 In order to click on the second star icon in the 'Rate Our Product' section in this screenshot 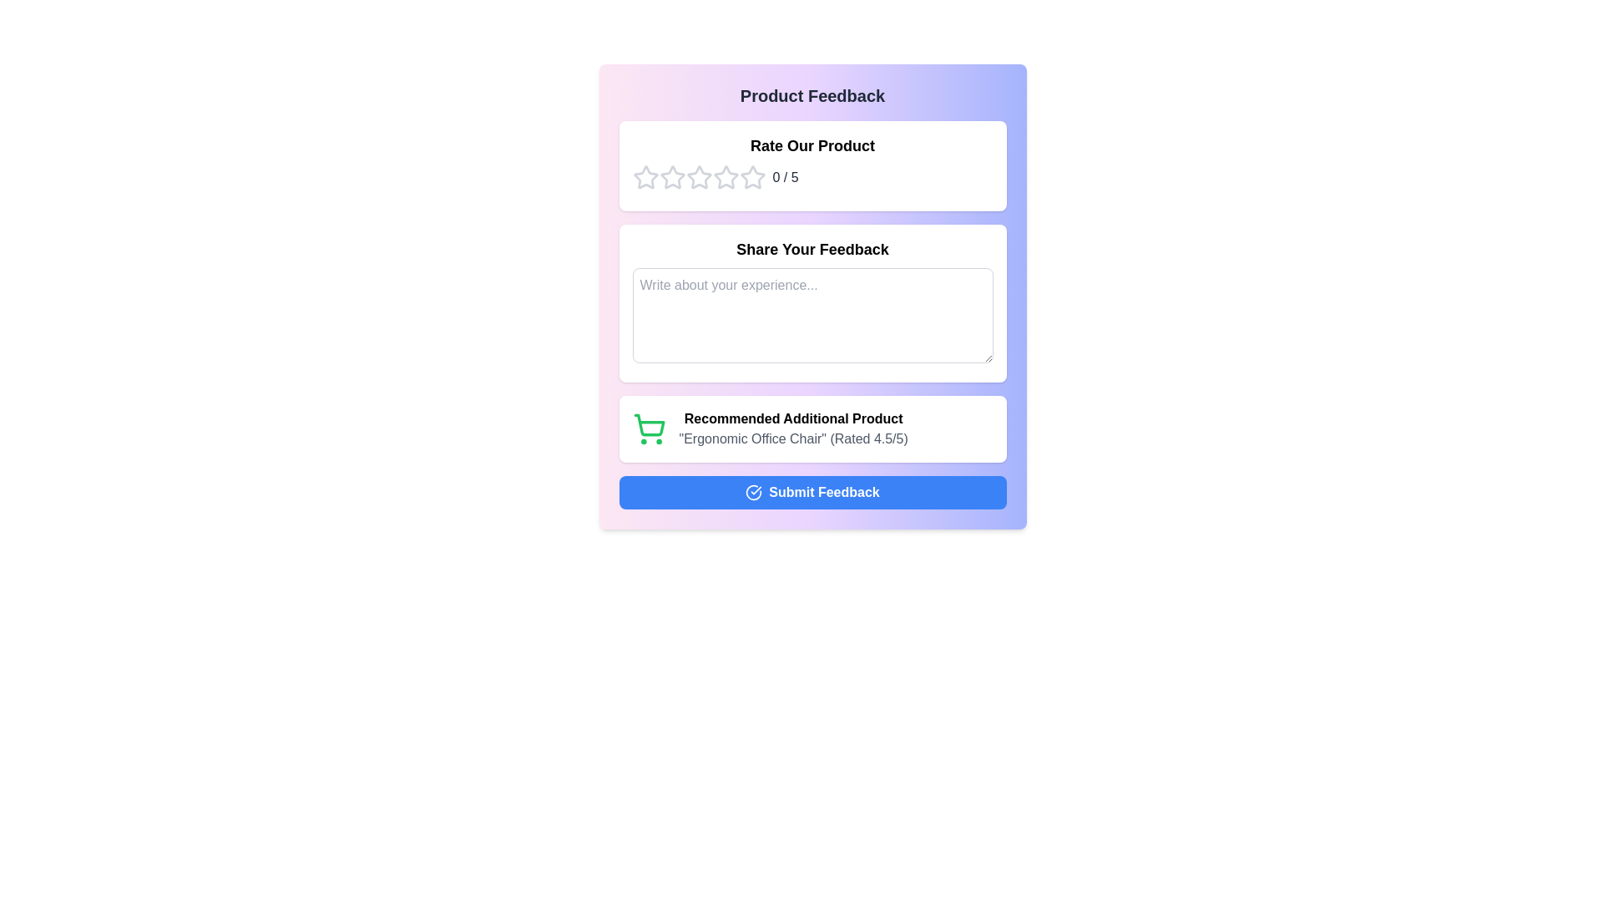, I will do `click(726, 177)`.